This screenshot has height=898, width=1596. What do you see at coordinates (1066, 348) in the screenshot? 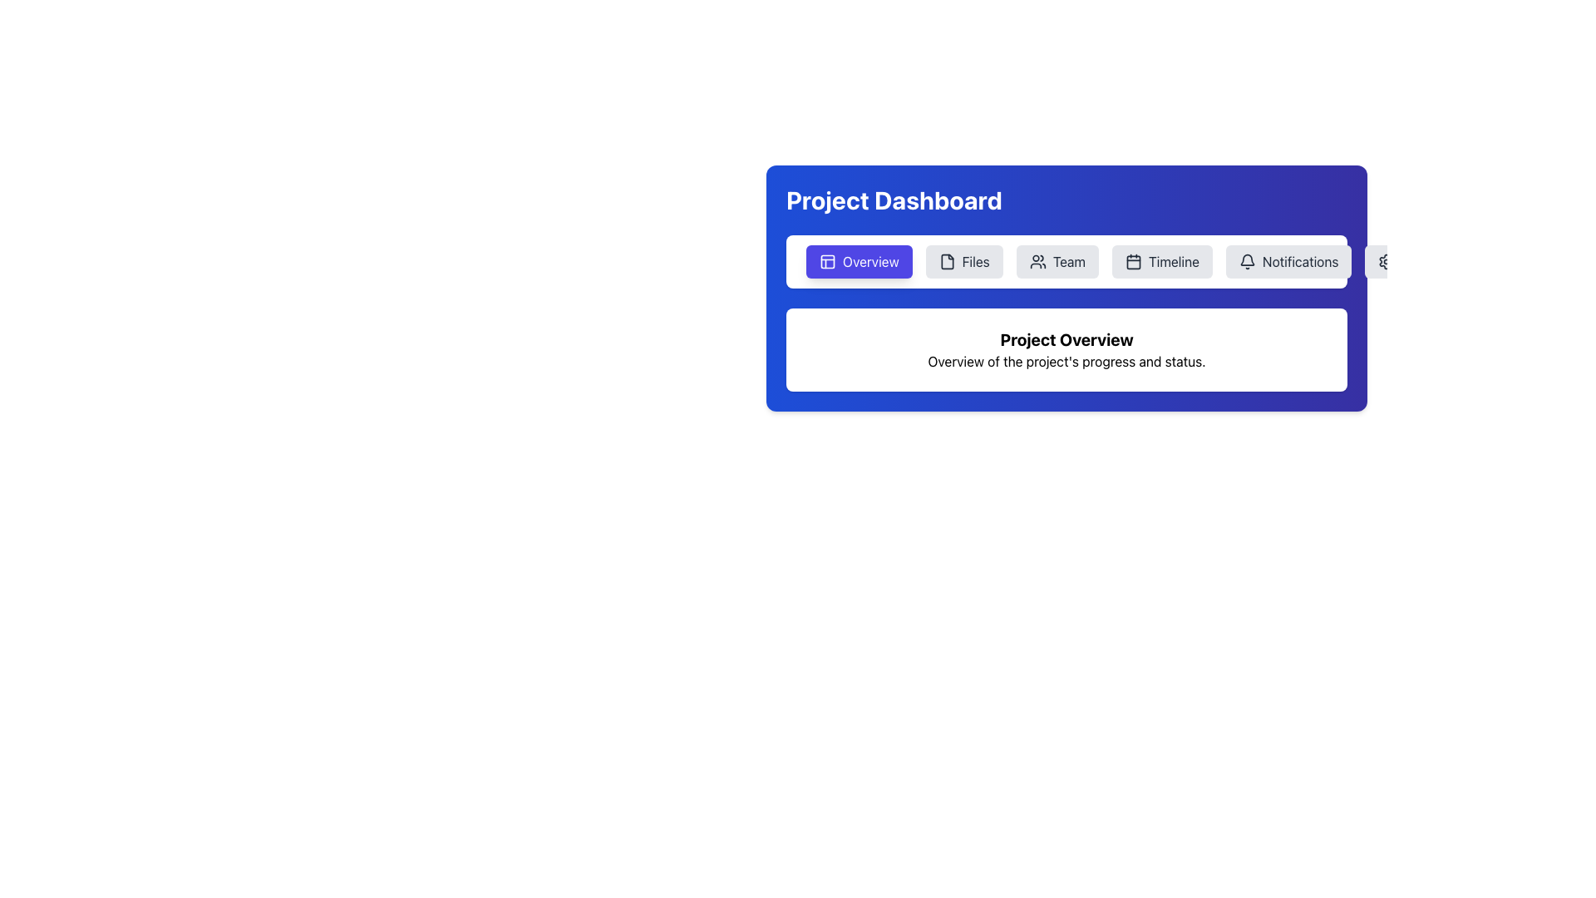
I see `information displayed in the 'Project Overview' module, which includes the title and description about the project's progress and status` at bounding box center [1066, 348].